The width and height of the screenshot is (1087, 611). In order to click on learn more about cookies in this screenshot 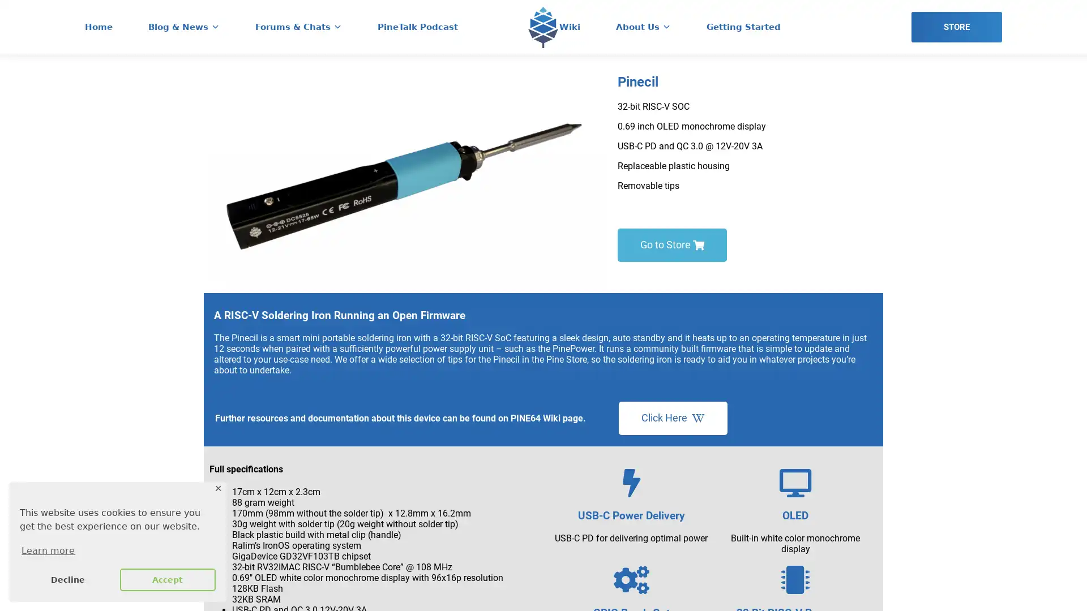, I will do `click(117, 550)`.